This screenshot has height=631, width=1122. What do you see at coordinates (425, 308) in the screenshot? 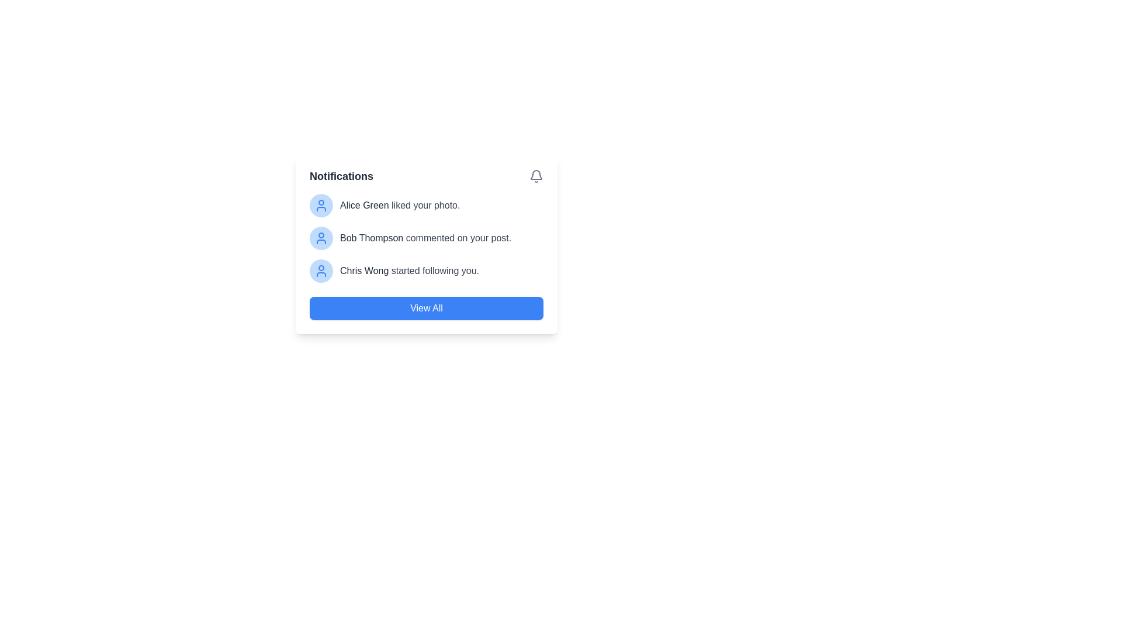
I see `the button at the bottom of the notification panel` at bounding box center [425, 308].